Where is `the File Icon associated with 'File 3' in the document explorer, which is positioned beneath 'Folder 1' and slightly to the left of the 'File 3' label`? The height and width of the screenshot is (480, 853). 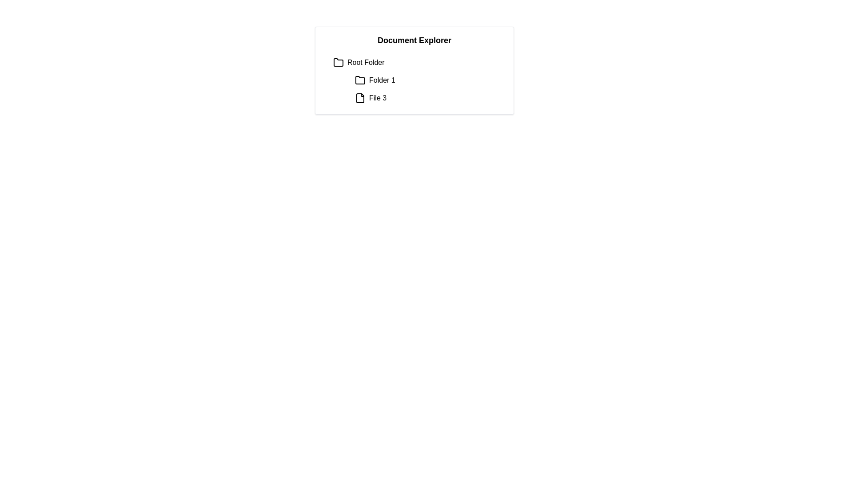
the File Icon associated with 'File 3' in the document explorer, which is positioned beneath 'Folder 1' and slightly to the left of the 'File 3' label is located at coordinates (360, 98).